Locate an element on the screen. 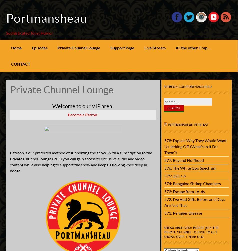 The image size is (238, 251). 'Patreon is our preferred method of supporting the show. With a subscription to the Private Chunnel Lounge (PCL) you will gain access to exclusive audio and video content while also helping to support the show and keep us flowing knee deep in booze.' is located at coordinates (81, 162).